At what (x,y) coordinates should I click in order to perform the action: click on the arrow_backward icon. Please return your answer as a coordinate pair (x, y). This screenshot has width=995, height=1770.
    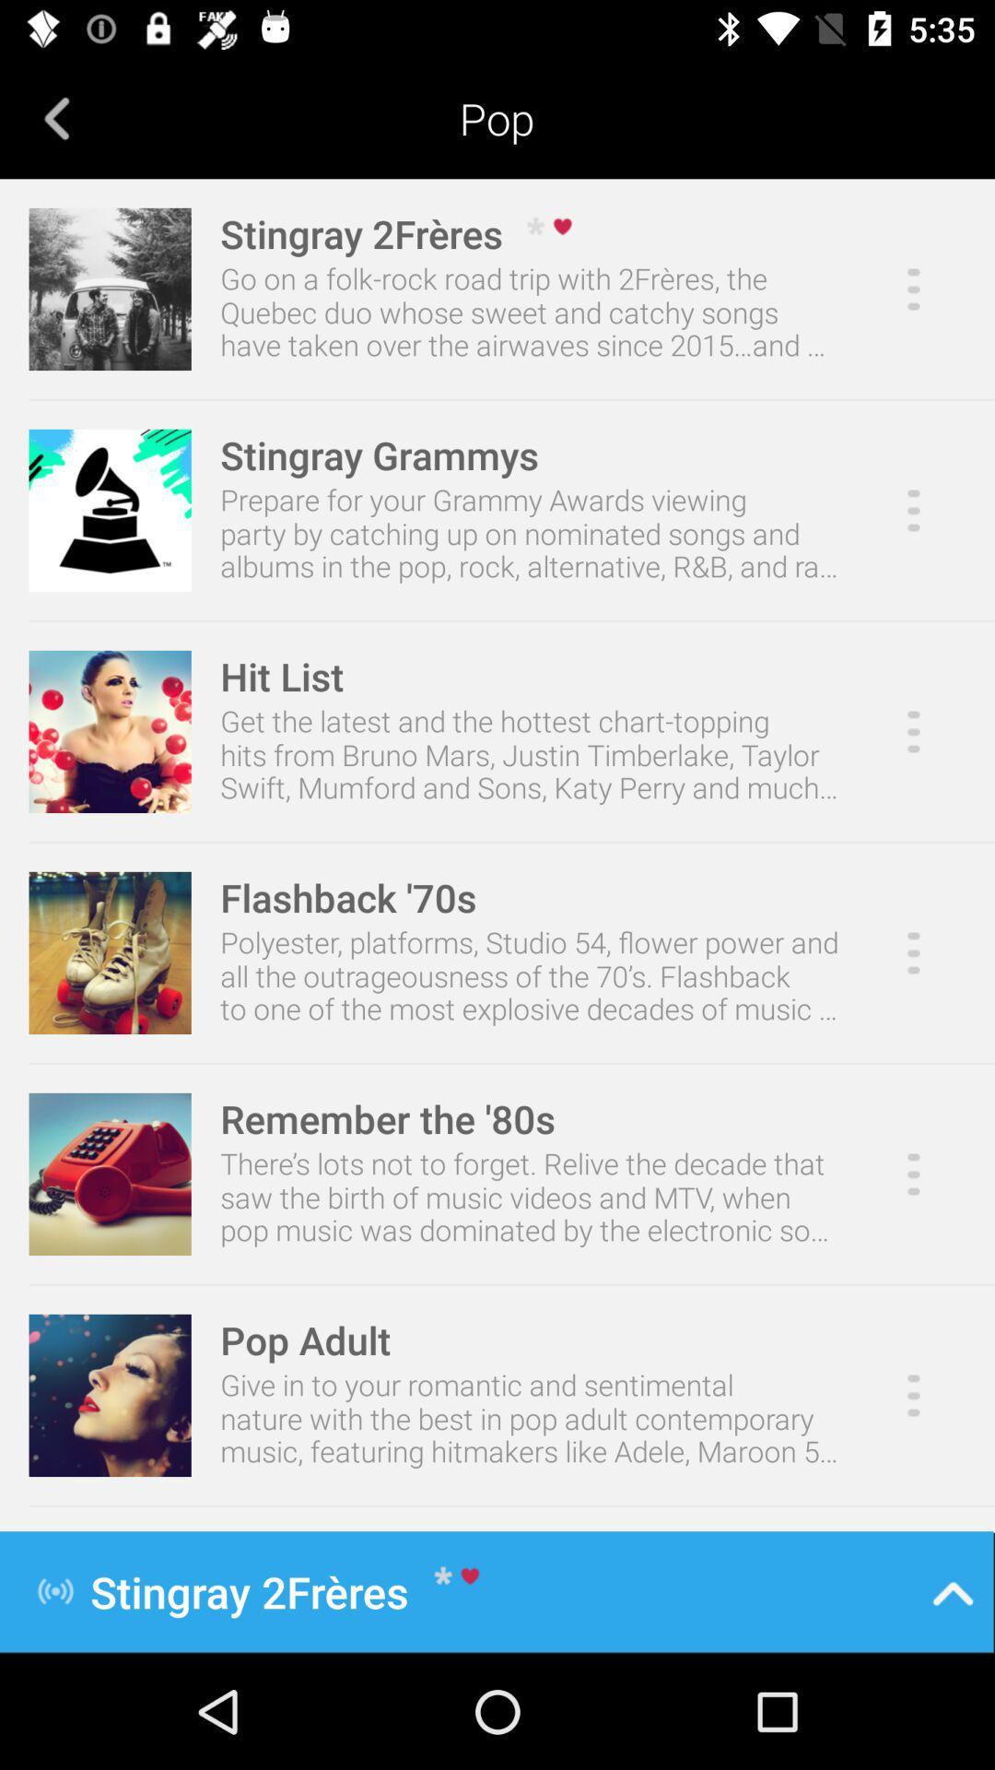
    Looking at the image, I should click on (56, 117).